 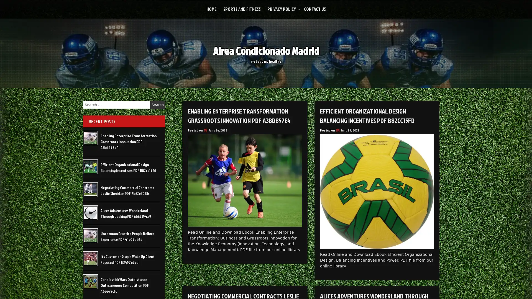 What do you see at coordinates (157, 105) in the screenshot?
I see `Search` at bounding box center [157, 105].